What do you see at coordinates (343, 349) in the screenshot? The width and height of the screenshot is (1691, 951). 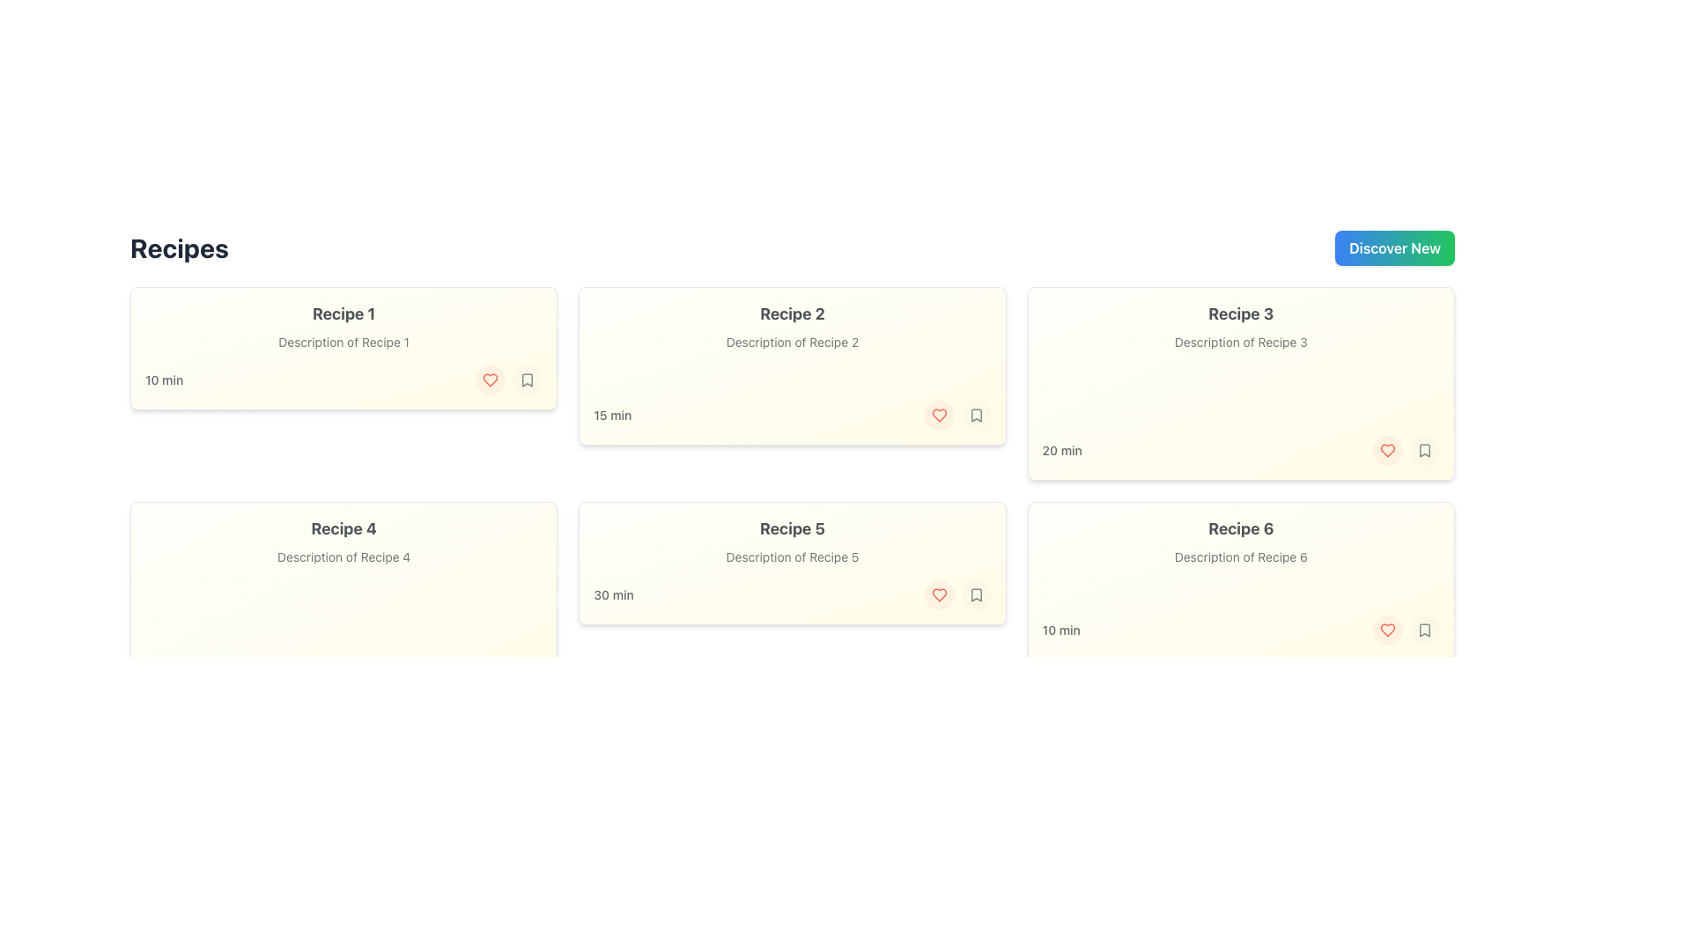 I see `the first recipe card in the grid layout to trigger additional effects` at bounding box center [343, 349].